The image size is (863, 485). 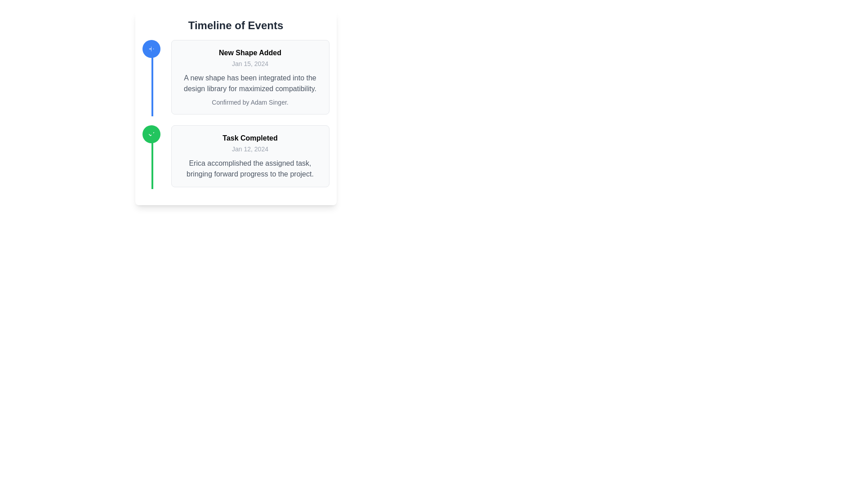 What do you see at coordinates (250, 63) in the screenshot?
I see `text content of the light-gray date label displaying 'Jan 15, 2024', which is positioned beneath the title 'New Shape Added'` at bounding box center [250, 63].